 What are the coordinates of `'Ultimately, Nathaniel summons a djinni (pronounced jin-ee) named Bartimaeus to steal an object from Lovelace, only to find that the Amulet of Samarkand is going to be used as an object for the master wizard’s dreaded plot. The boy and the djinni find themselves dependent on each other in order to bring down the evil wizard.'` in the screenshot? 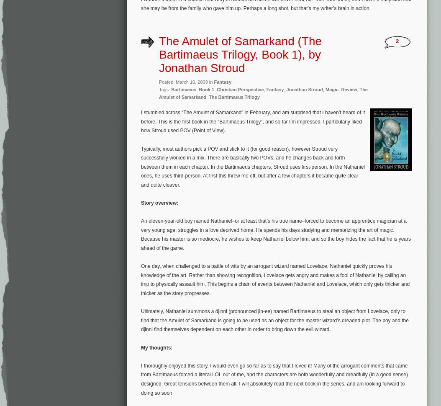 It's located at (274, 320).